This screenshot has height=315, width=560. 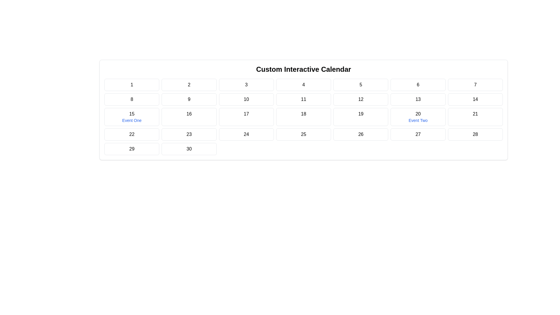 What do you see at coordinates (132, 120) in the screenshot?
I see `the non-interactive text label providing information about the event on the 15th day of the month, located below the number '15' in the calendar grid` at bounding box center [132, 120].